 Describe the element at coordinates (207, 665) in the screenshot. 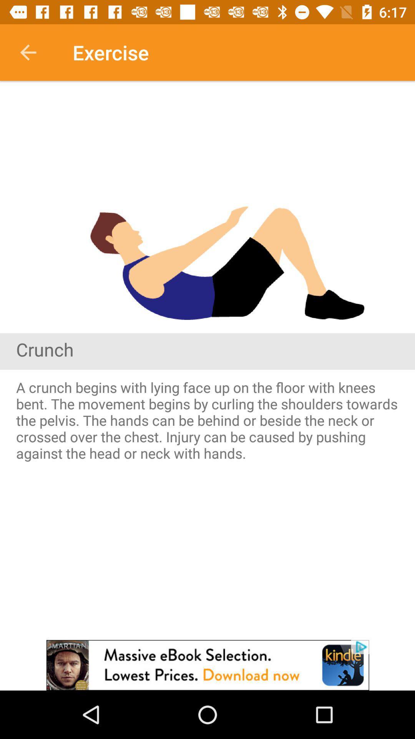

I see `open advertisements` at that location.